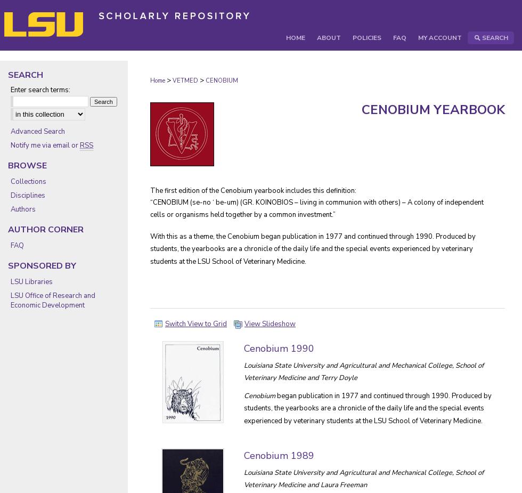 The width and height of the screenshot is (522, 493). Describe the element at coordinates (46, 229) in the screenshot. I see `'Author Corner'` at that location.